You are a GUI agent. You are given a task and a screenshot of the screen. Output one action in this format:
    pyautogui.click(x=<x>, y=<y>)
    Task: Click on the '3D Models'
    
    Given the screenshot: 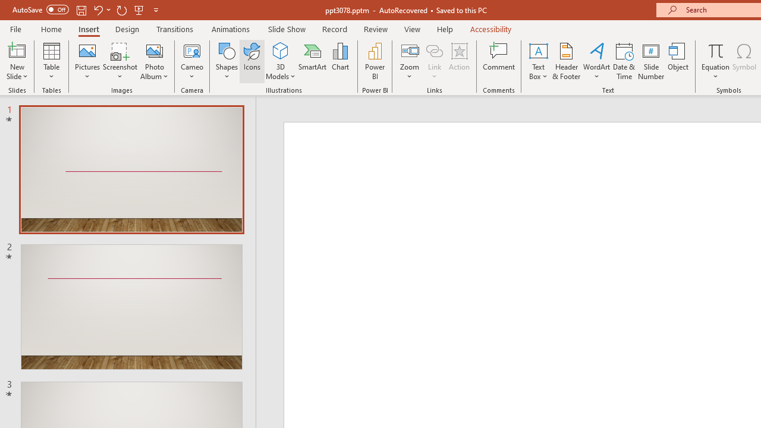 What is the action you would take?
    pyautogui.click(x=280, y=50)
    